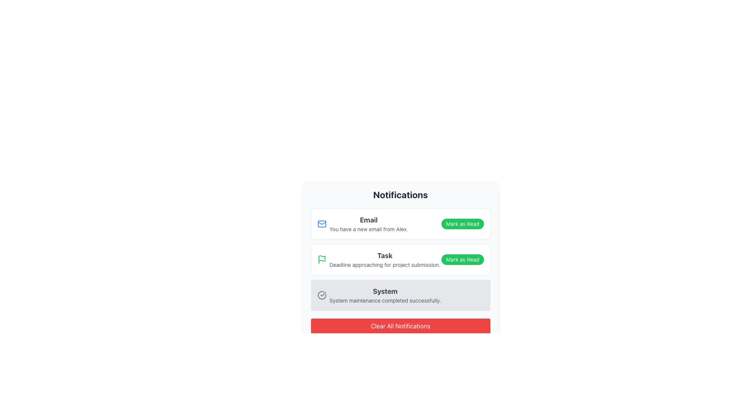 The image size is (730, 410). I want to click on the Text Label that serves as a title or heading for the notification, located at the top of the notification card, so click(368, 220).